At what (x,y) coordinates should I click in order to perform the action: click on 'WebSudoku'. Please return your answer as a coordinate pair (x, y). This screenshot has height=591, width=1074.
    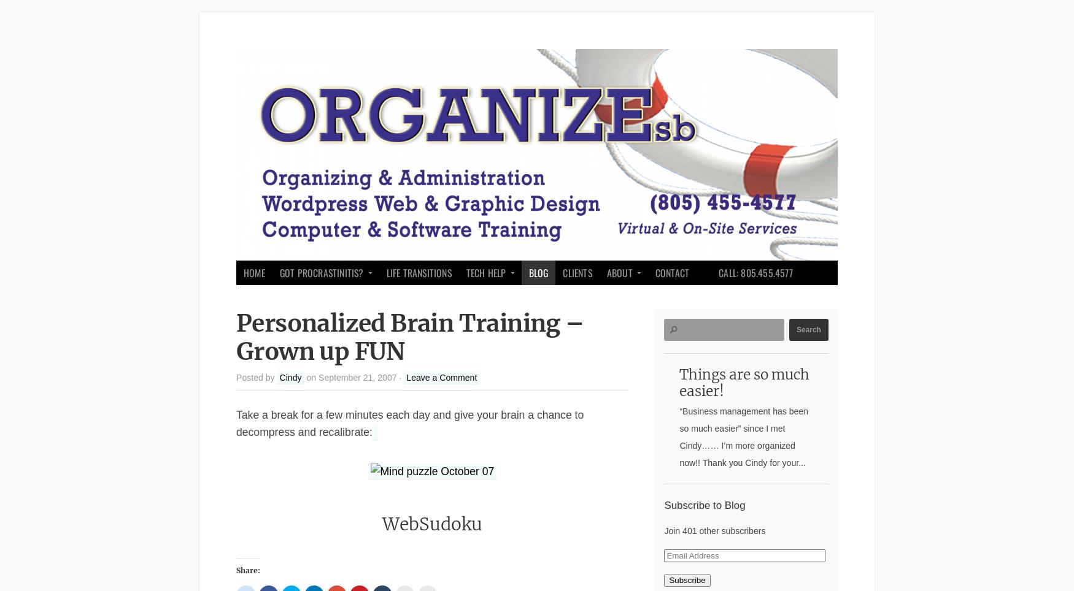
    Looking at the image, I should click on (381, 524).